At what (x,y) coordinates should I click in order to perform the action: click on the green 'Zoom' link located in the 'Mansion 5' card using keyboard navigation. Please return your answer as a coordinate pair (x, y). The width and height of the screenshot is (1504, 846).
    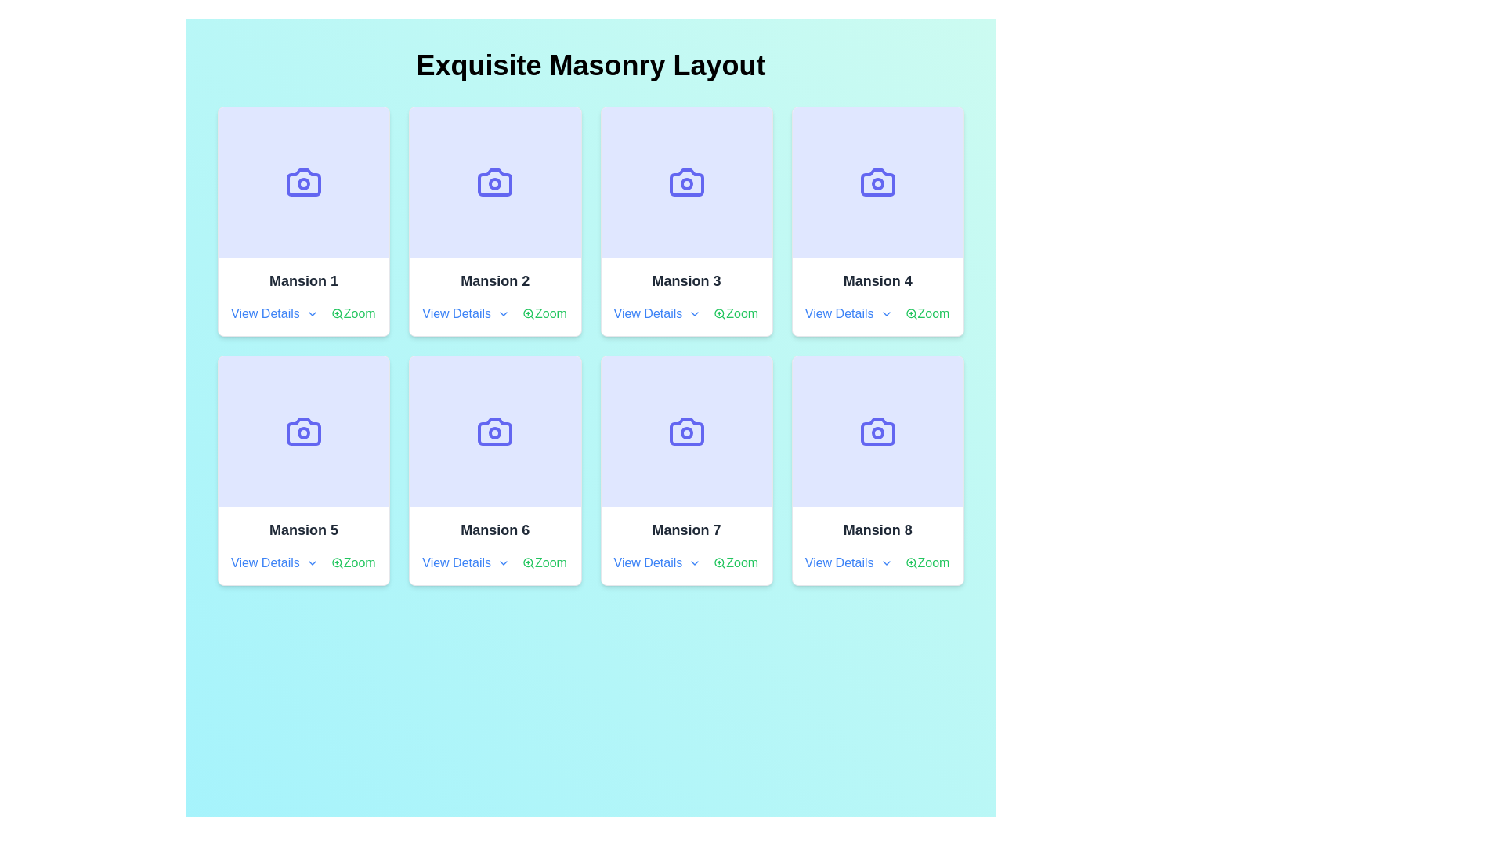
    Looking at the image, I should click on (352, 562).